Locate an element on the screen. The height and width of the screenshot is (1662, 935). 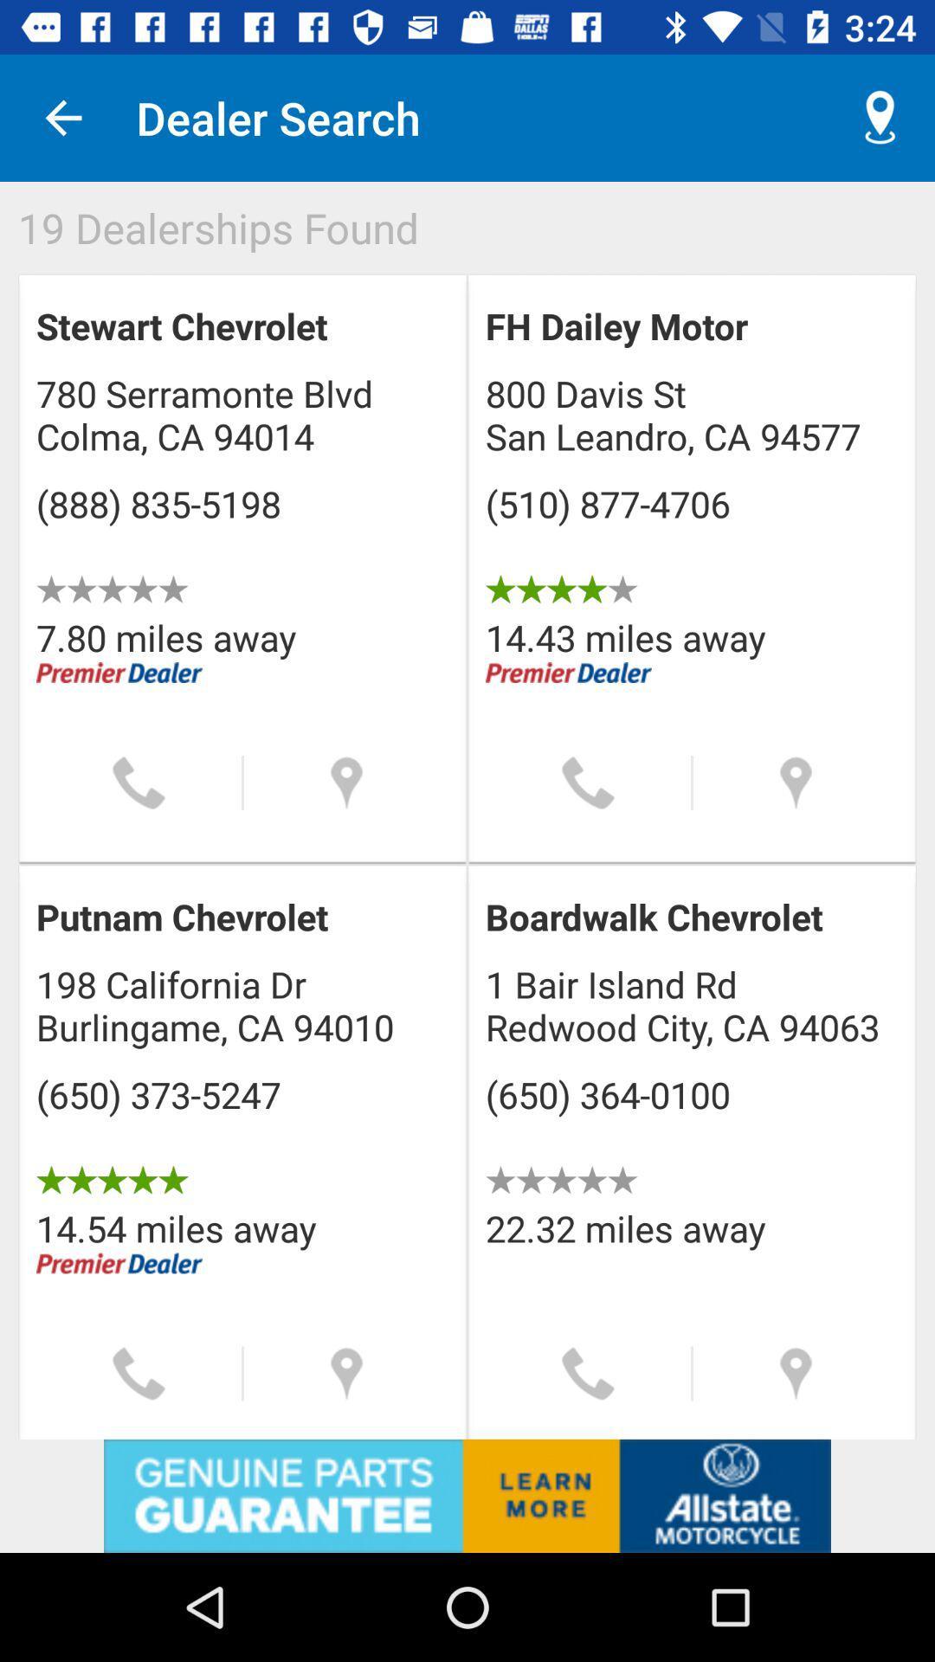
call the number is located at coordinates (587, 782).